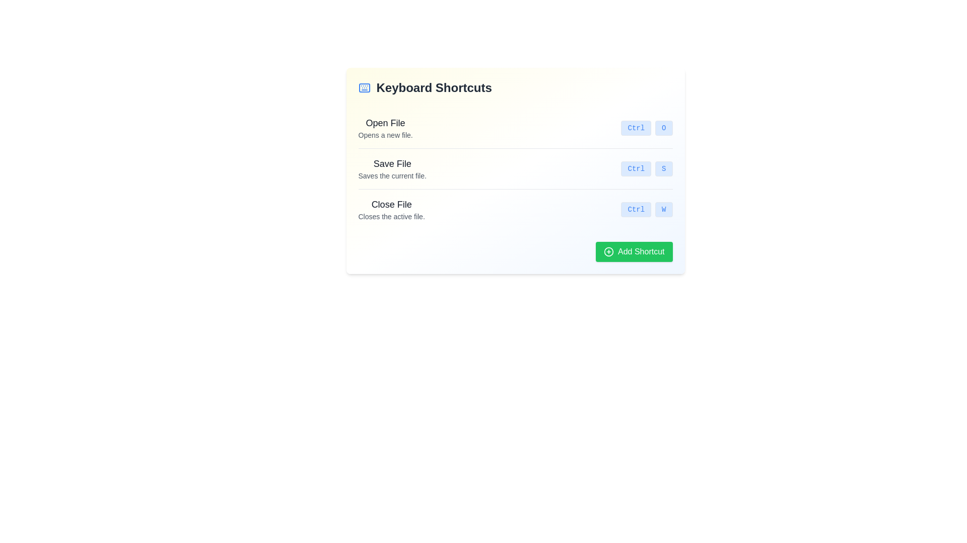 The image size is (967, 543). What do you see at coordinates (664, 209) in the screenshot?
I see `the non-interactive button representing the keyboard key 'W' for the 'Close File' shortcut, positioned in the third row next to the 'Ctrl' label` at bounding box center [664, 209].